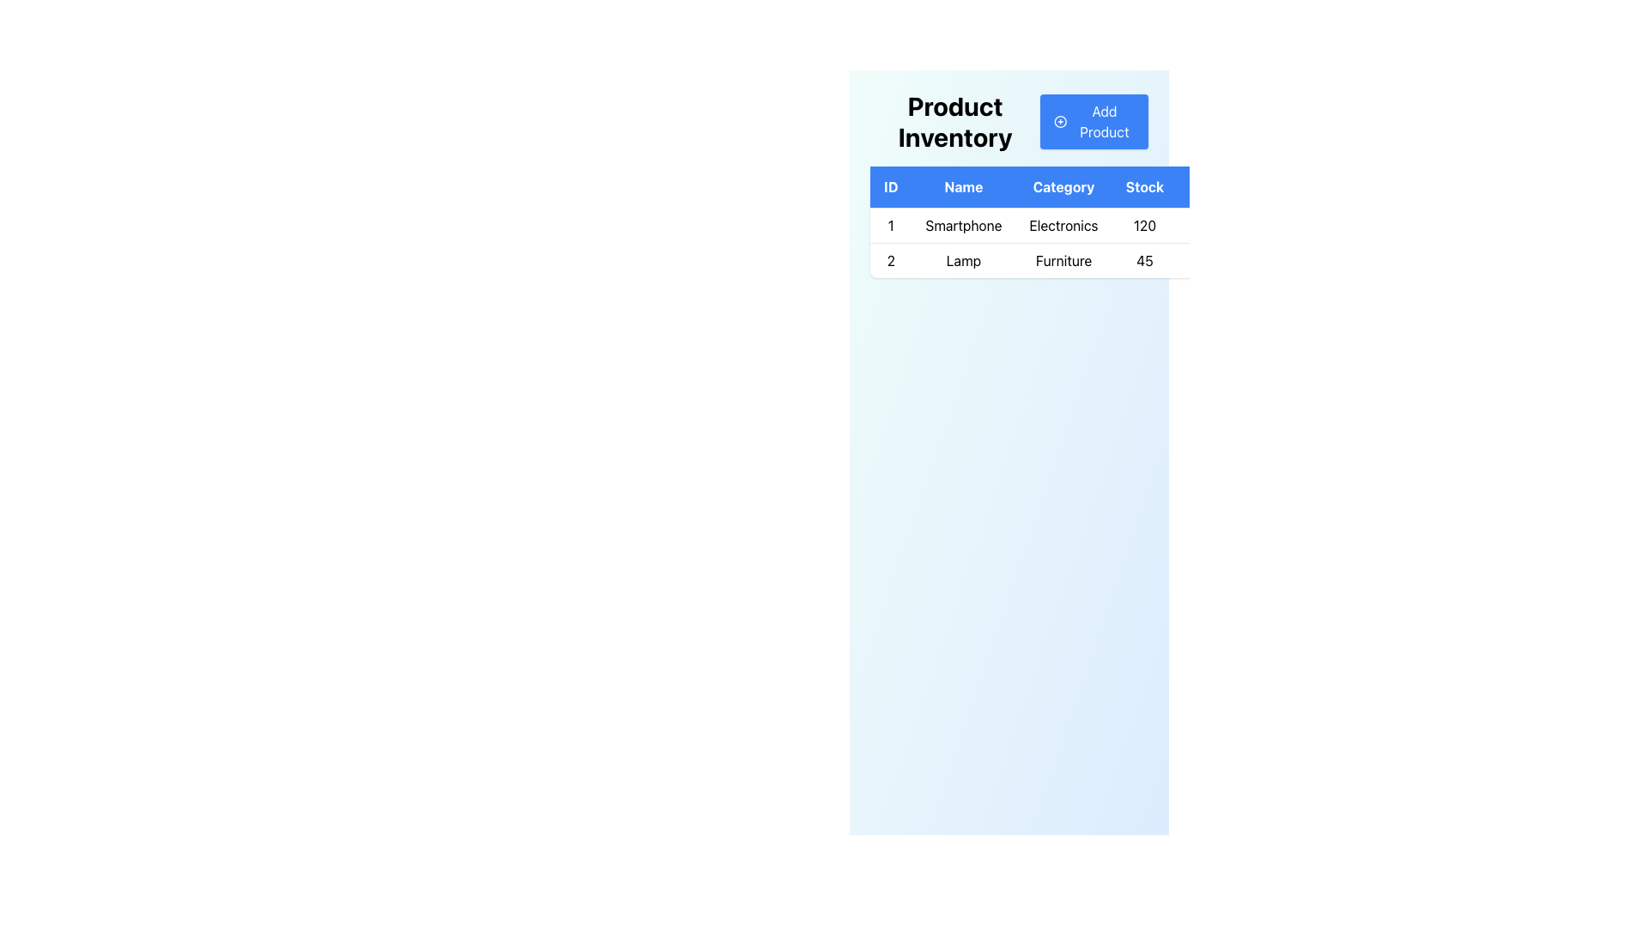  I want to click on the 'Name' column header in the product inventory table, which is the second header between 'ID' and 'Category', so click(964, 187).